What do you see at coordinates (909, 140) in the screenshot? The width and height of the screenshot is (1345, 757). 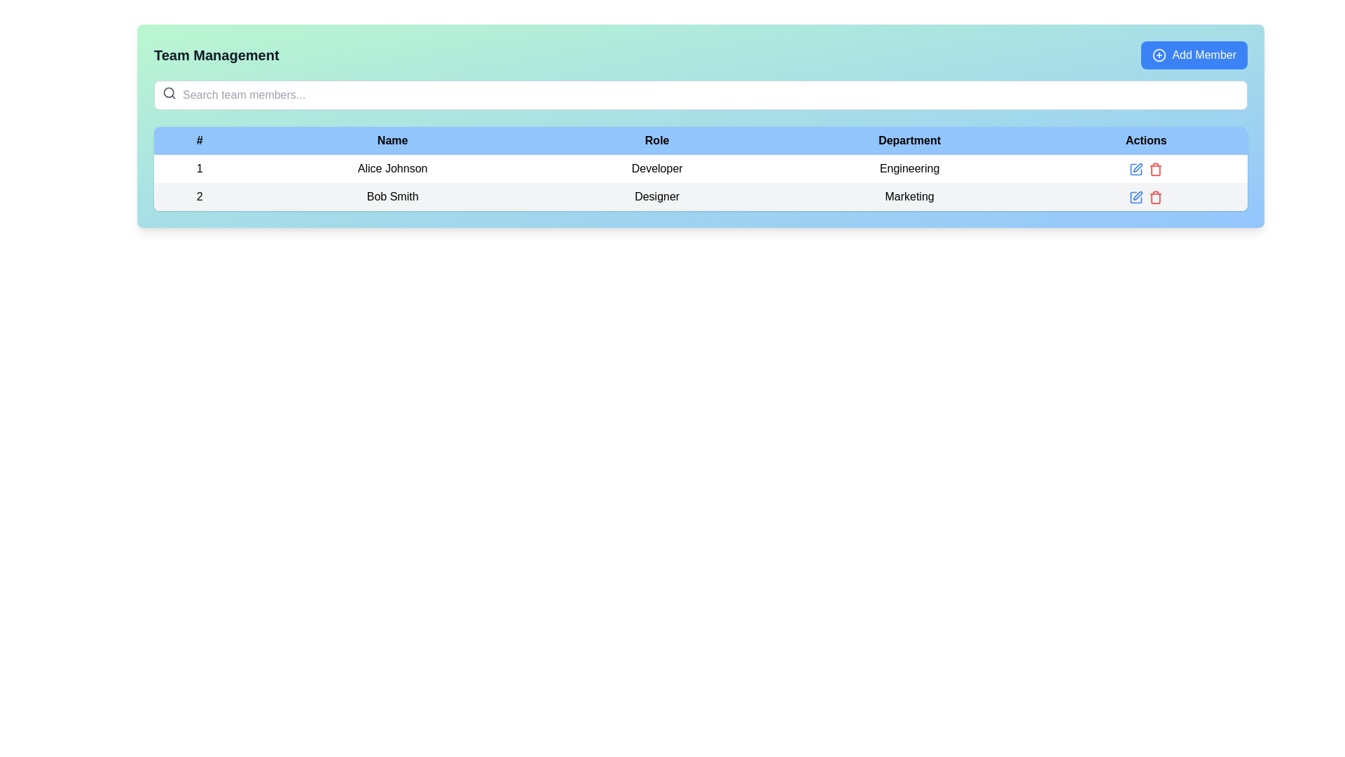 I see `the bold black text label displaying 'Department', which is located in the fourth column of the header row in a table-like structure, between the labels 'Role' and 'Actions'` at bounding box center [909, 140].